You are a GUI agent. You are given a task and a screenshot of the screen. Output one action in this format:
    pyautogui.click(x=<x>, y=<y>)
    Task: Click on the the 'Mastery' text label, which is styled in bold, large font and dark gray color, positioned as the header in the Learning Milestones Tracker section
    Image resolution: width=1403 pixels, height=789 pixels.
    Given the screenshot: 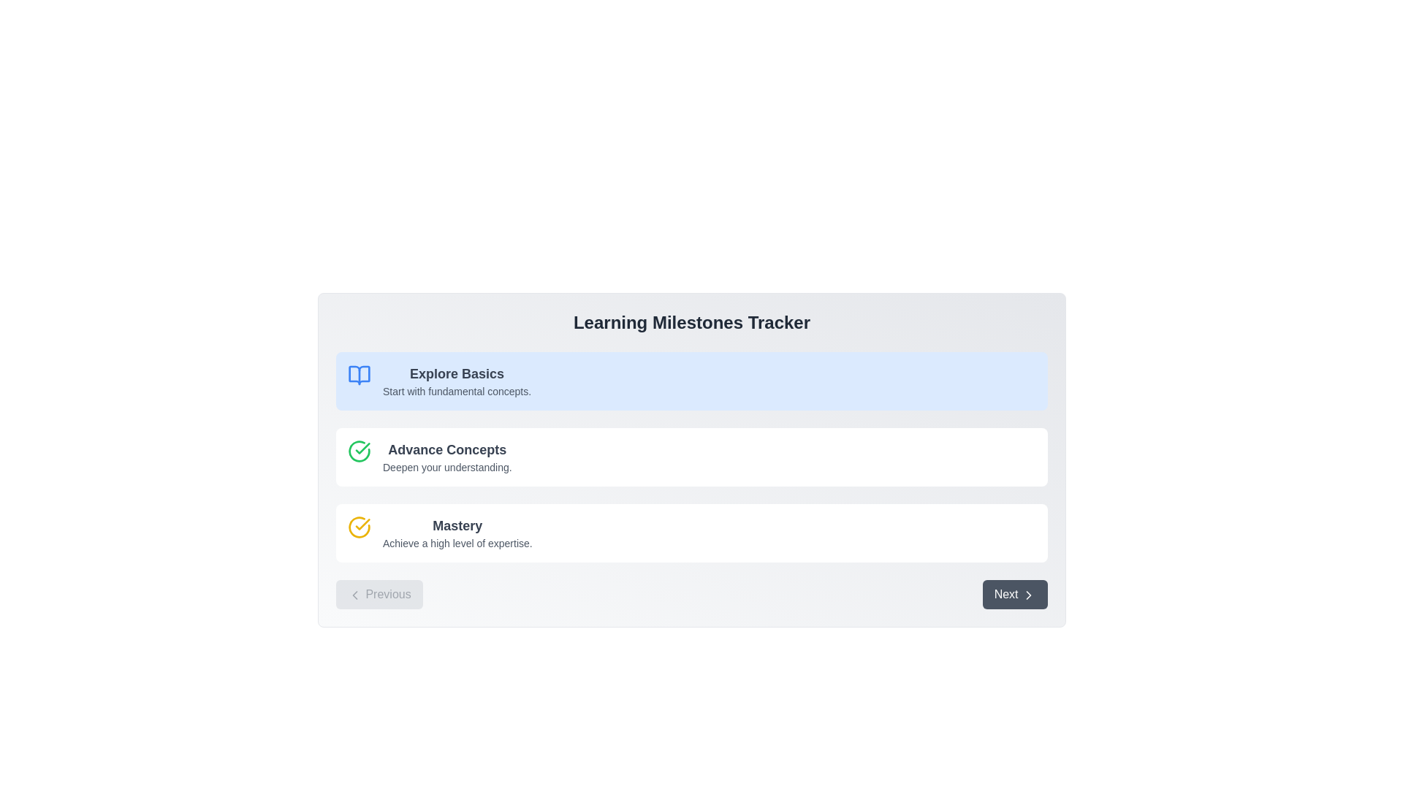 What is the action you would take?
    pyautogui.click(x=457, y=526)
    